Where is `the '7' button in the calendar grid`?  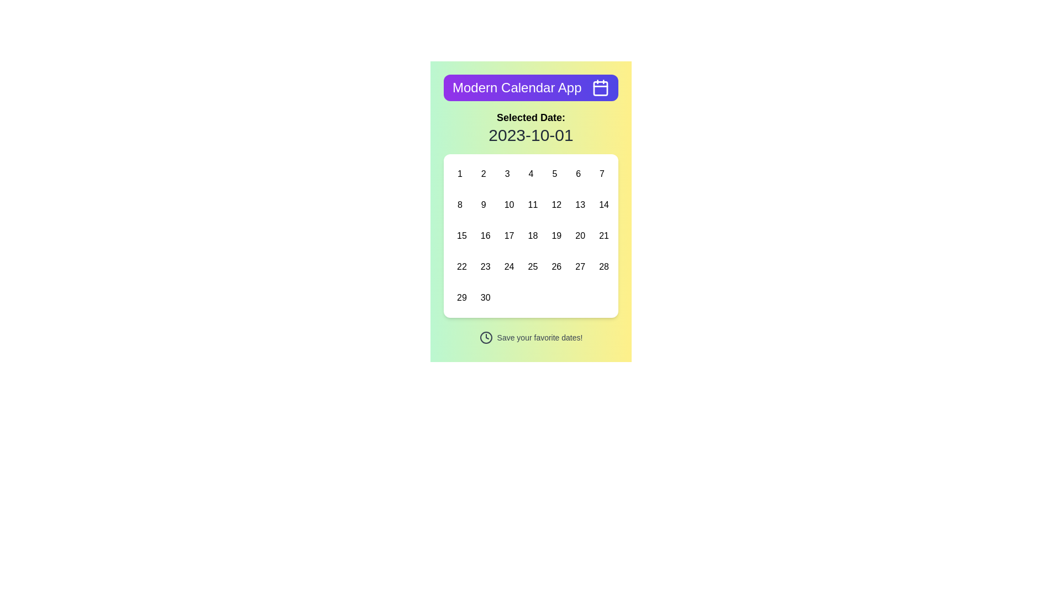
the '7' button in the calendar grid is located at coordinates (601, 174).